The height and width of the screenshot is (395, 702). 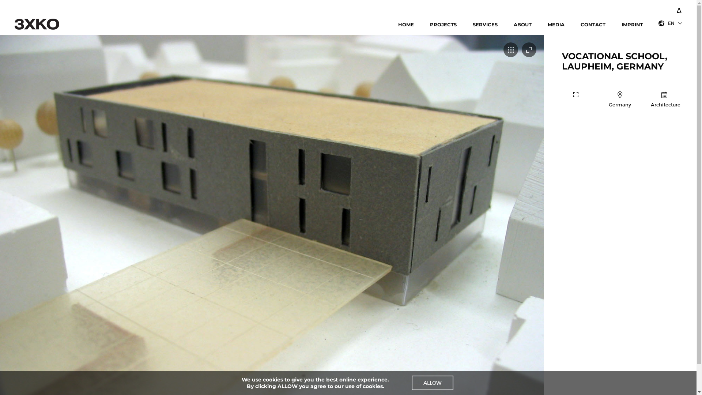 I want to click on 'PROJECTS', so click(x=430, y=25).